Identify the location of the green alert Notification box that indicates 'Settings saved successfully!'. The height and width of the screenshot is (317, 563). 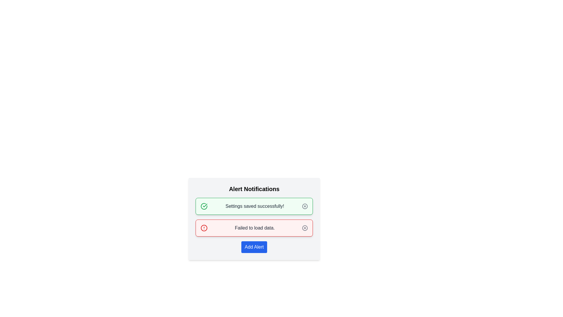
(254, 206).